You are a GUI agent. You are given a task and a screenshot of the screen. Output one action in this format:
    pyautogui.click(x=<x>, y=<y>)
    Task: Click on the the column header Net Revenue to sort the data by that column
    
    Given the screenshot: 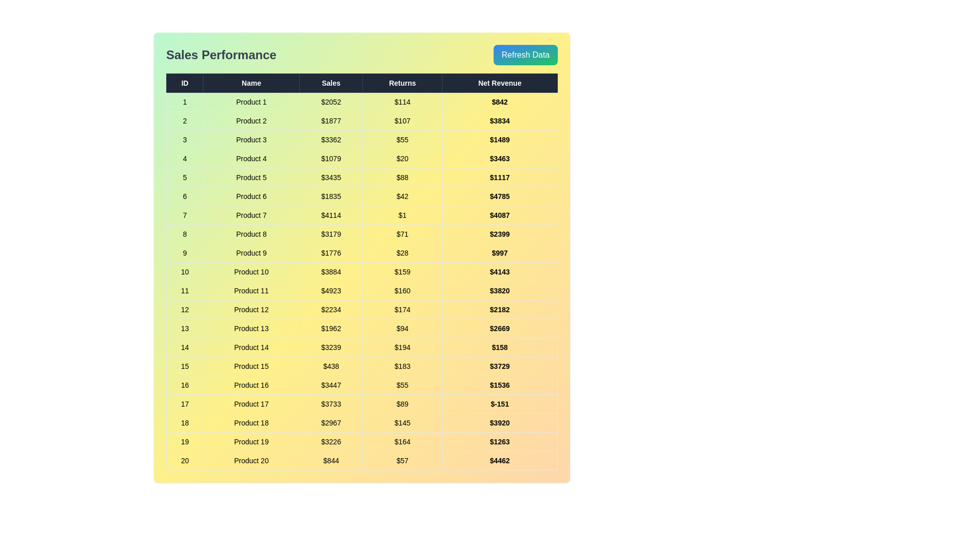 What is the action you would take?
    pyautogui.click(x=500, y=82)
    